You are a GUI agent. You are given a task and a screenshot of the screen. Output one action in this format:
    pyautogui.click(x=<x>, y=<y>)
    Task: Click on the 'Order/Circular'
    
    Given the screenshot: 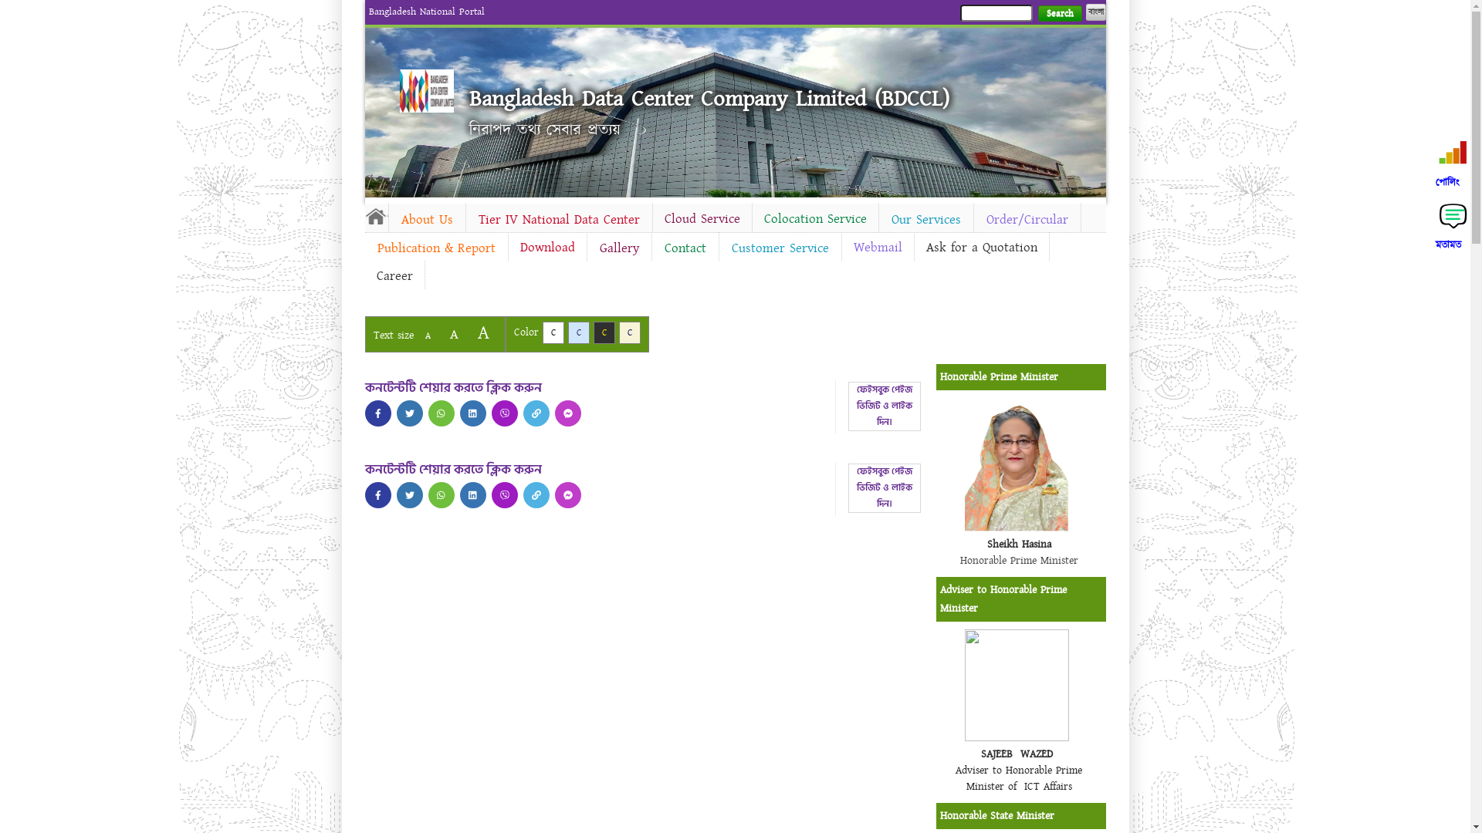 What is the action you would take?
    pyautogui.click(x=1027, y=220)
    